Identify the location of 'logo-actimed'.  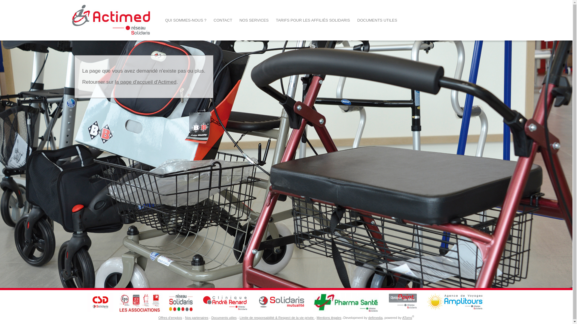
(111, 20).